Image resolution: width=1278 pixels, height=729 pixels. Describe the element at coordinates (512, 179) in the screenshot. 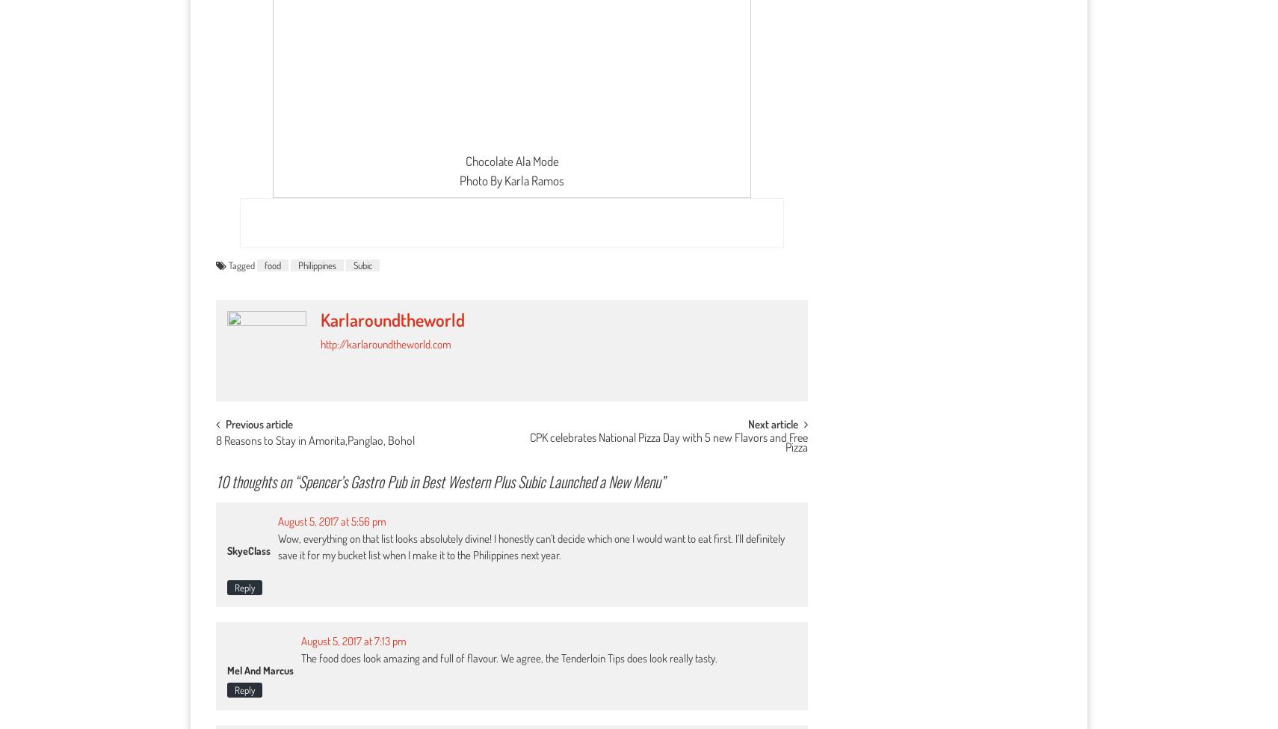

I see `'Photo By Karla Ramos'` at that location.